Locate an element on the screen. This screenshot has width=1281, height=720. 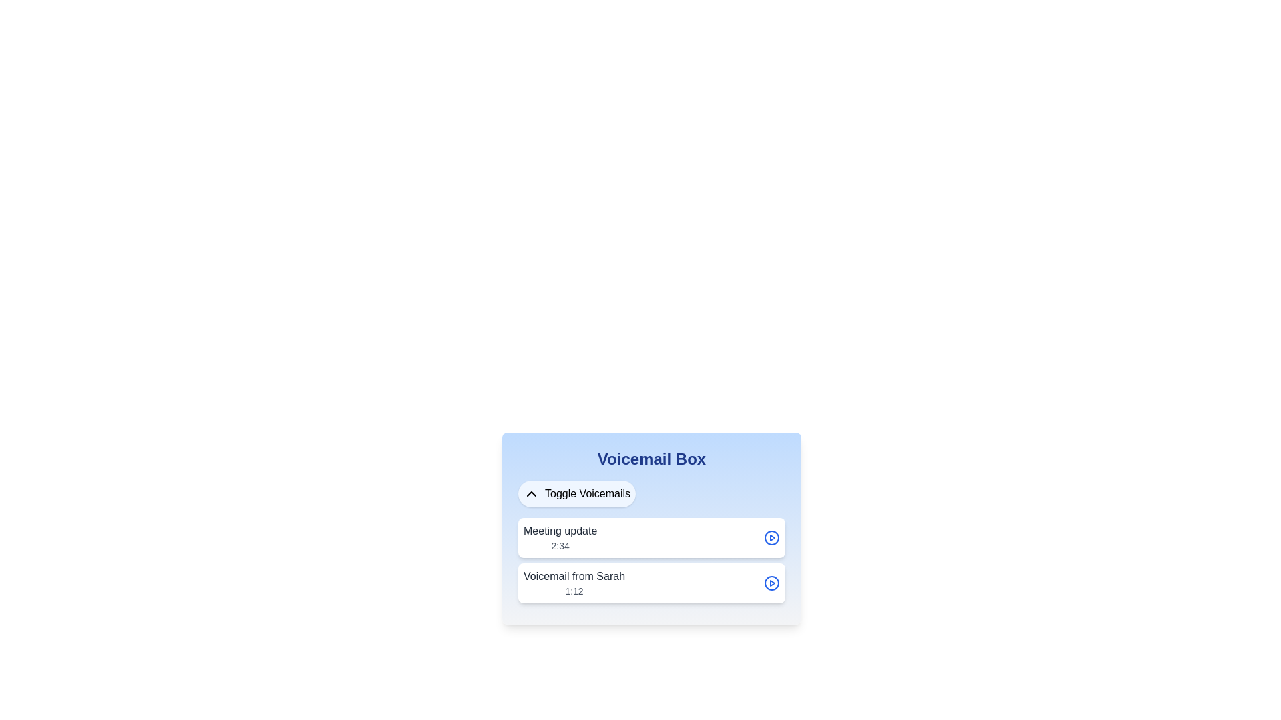
the bold text label reading 'Meeting update' in the voicemail list interface is located at coordinates (560, 531).